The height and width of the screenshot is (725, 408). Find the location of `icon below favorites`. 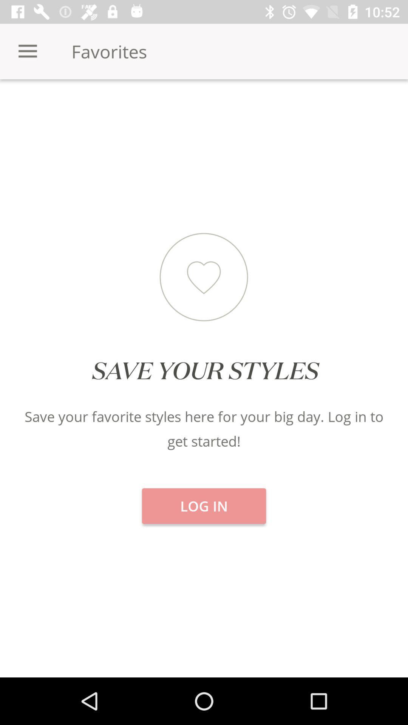

icon below favorites is located at coordinates (68, 105).